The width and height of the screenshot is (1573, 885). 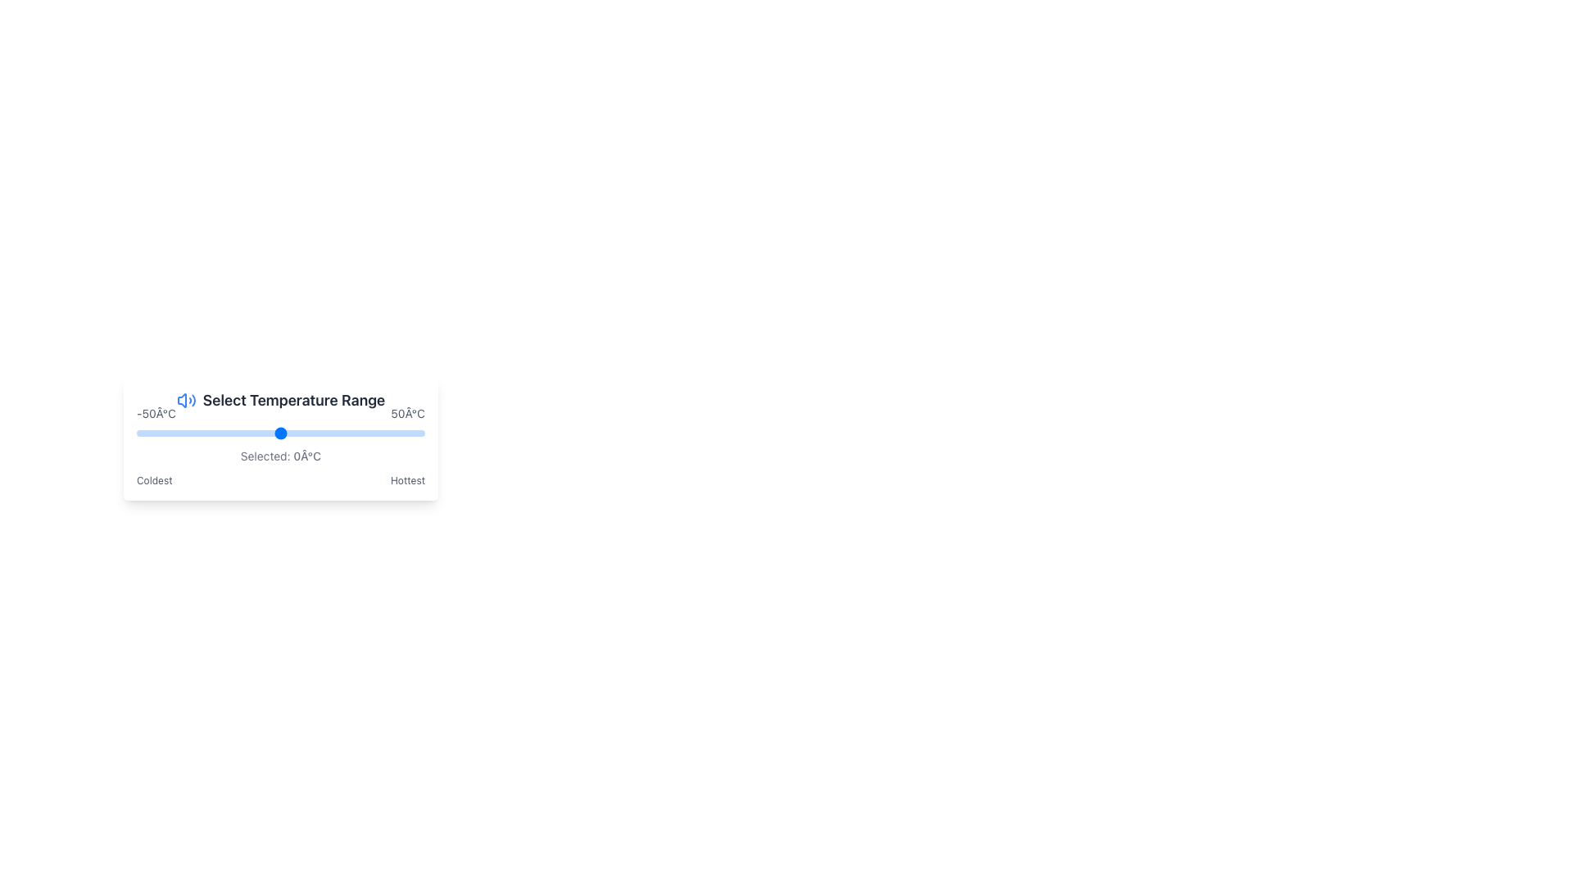 I want to click on the temperature, so click(x=340, y=432).